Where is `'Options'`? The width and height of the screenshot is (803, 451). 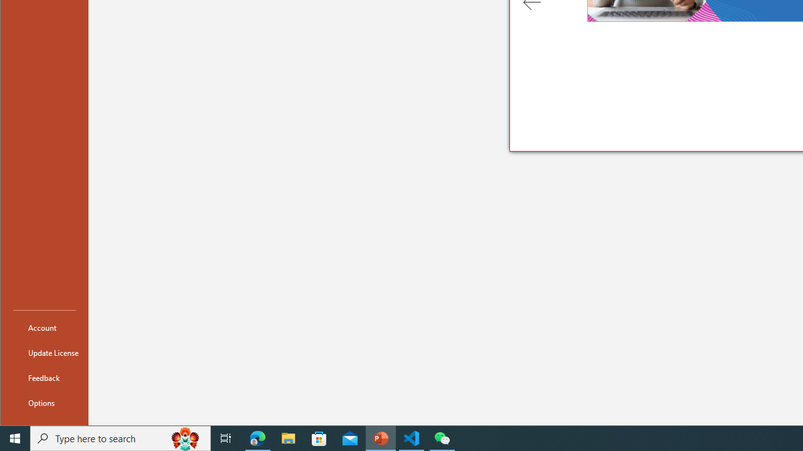 'Options' is located at coordinates (45, 402).